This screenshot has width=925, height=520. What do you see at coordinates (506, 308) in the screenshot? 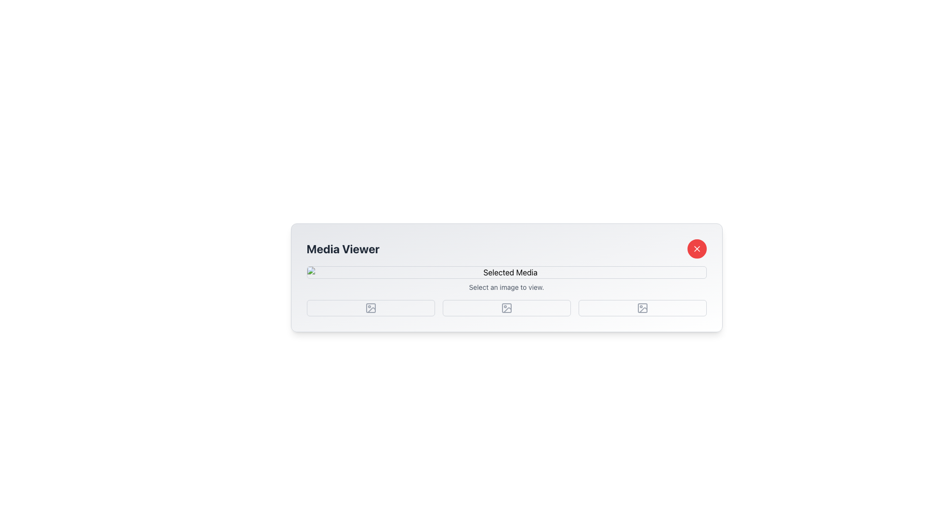
I see `the picture frame icon with a gray border located in the middle of five image-related icons in the 'Selected Media' section` at bounding box center [506, 308].